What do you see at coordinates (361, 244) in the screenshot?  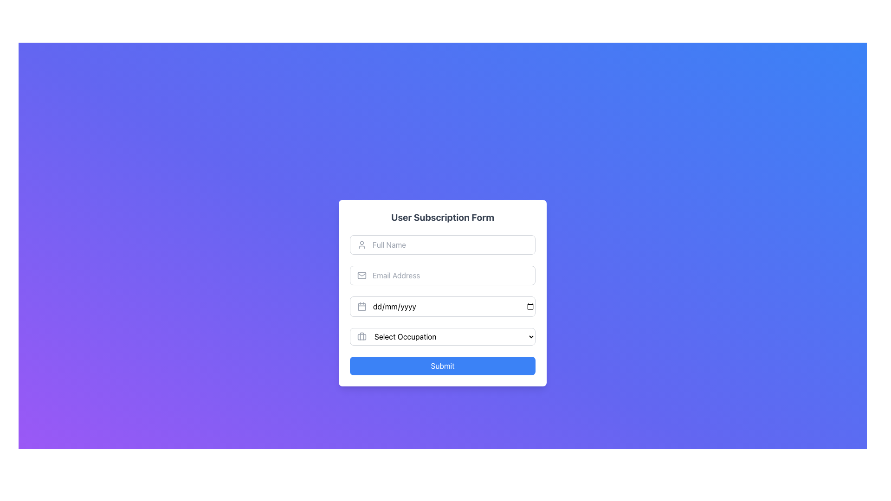 I see `the user silhouette icon located to the left of the 'Full Name' text field, which is styled in gray and indicates user or profile functionality` at bounding box center [361, 244].